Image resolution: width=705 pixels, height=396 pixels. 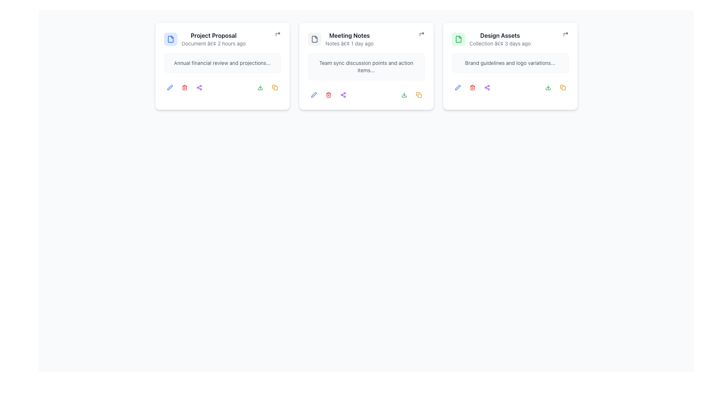 What do you see at coordinates (275, 88) in the screenshot?
I see `the small rectangular shape with rounded corners located in the top-right area of the 'Project Proposal' card` at bounding box center [275, 88].